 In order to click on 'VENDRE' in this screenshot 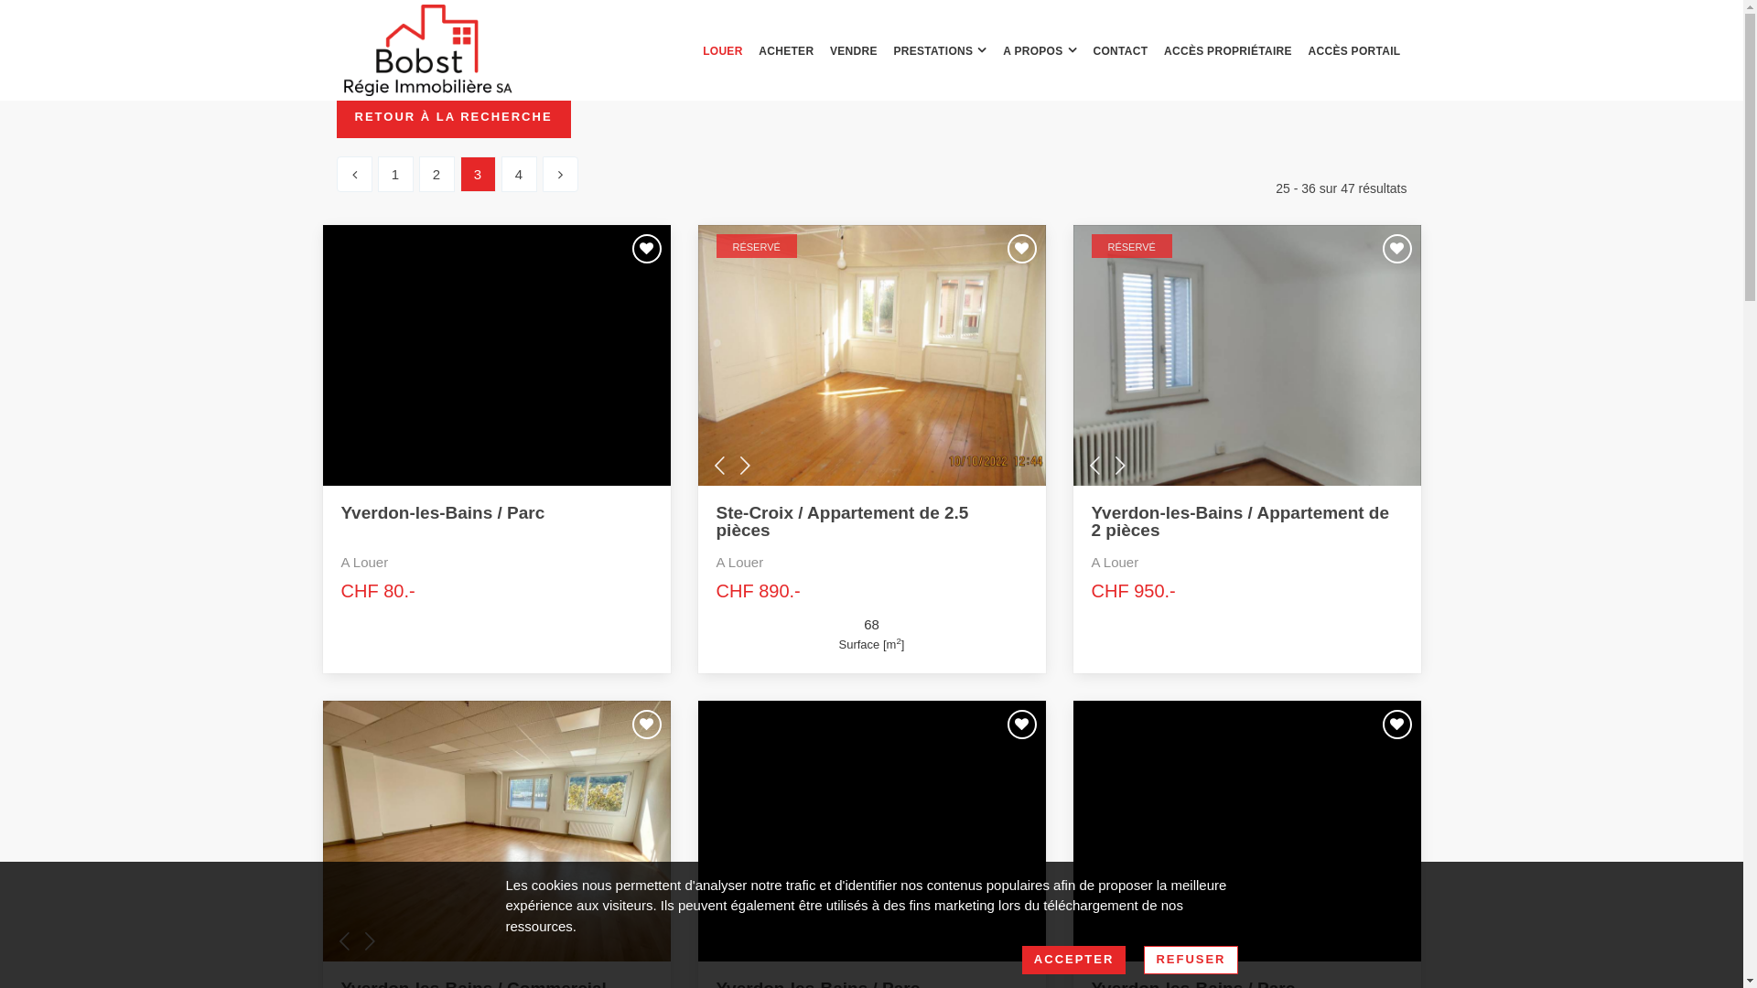, I will do `click(852, 50)`.